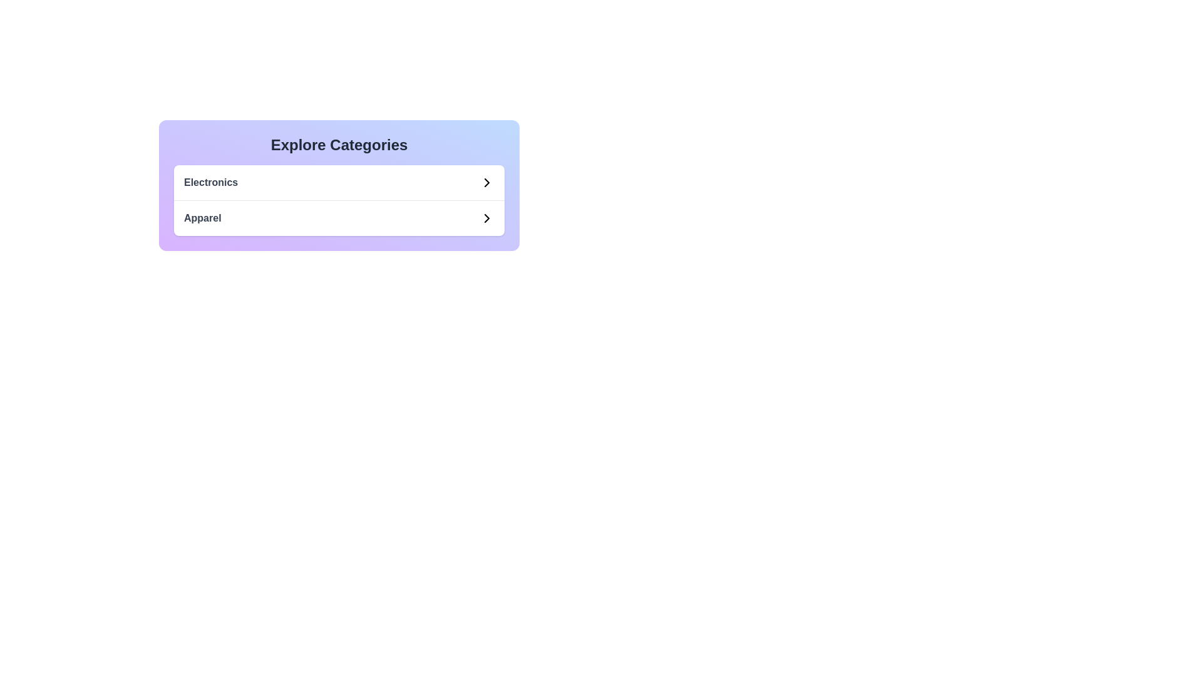 The width and height of the screenshot is (1202, 676). What do you see at coordinates (486, 217) in the screenshot?
I see `the right-facing chevron arrow icon located at the far-right end of the 'Apparel' list item in the 'Explore Categories' panel` at bounding box center [486, 217].